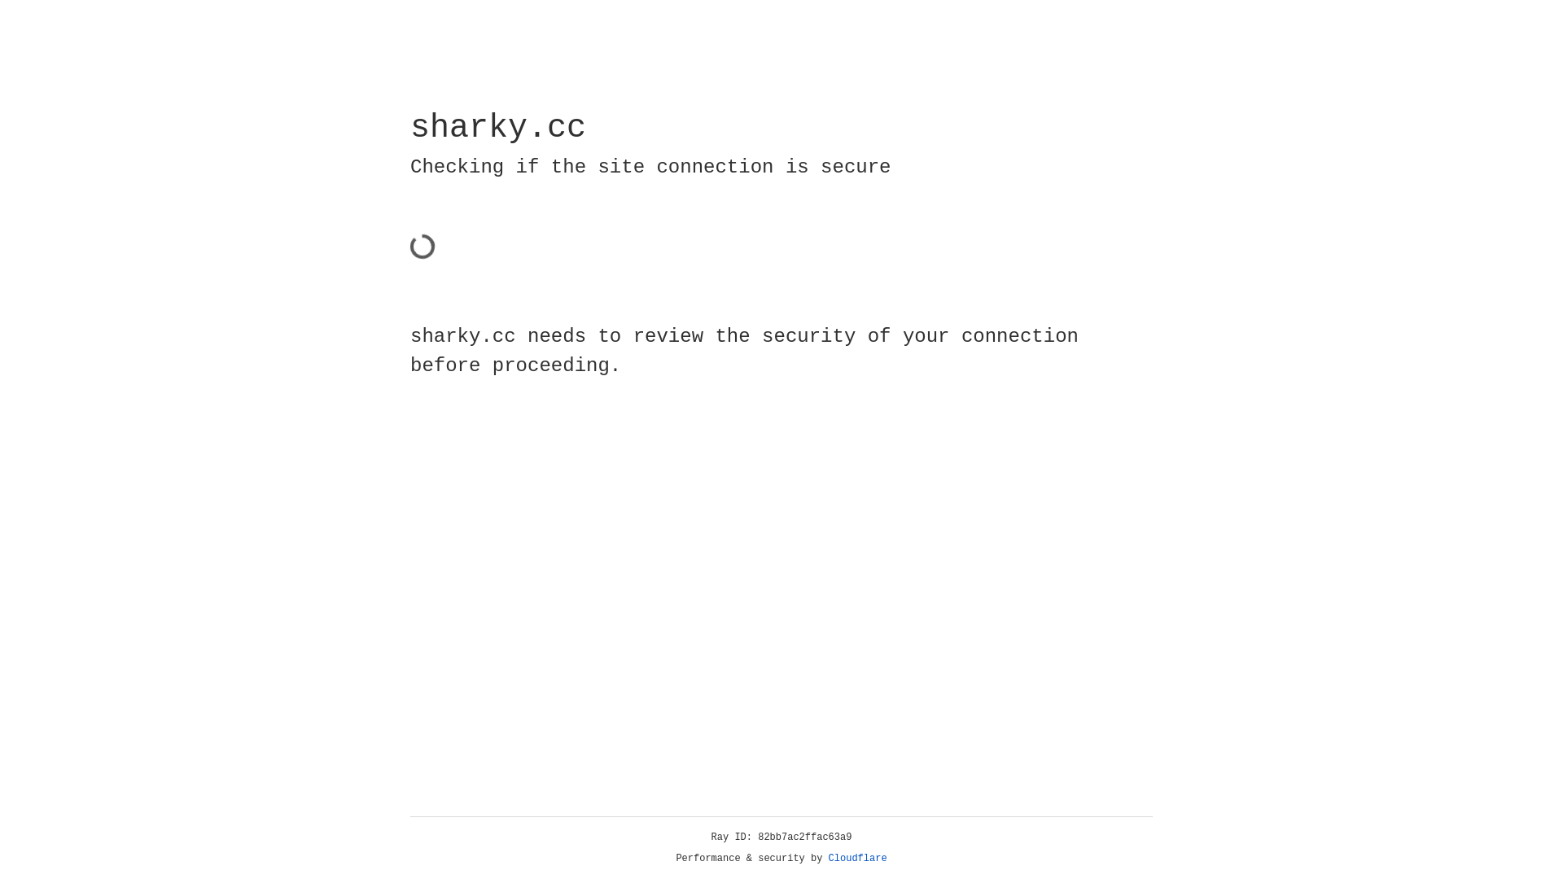  I want to click on 'Cloudflare', so click(857, 858).